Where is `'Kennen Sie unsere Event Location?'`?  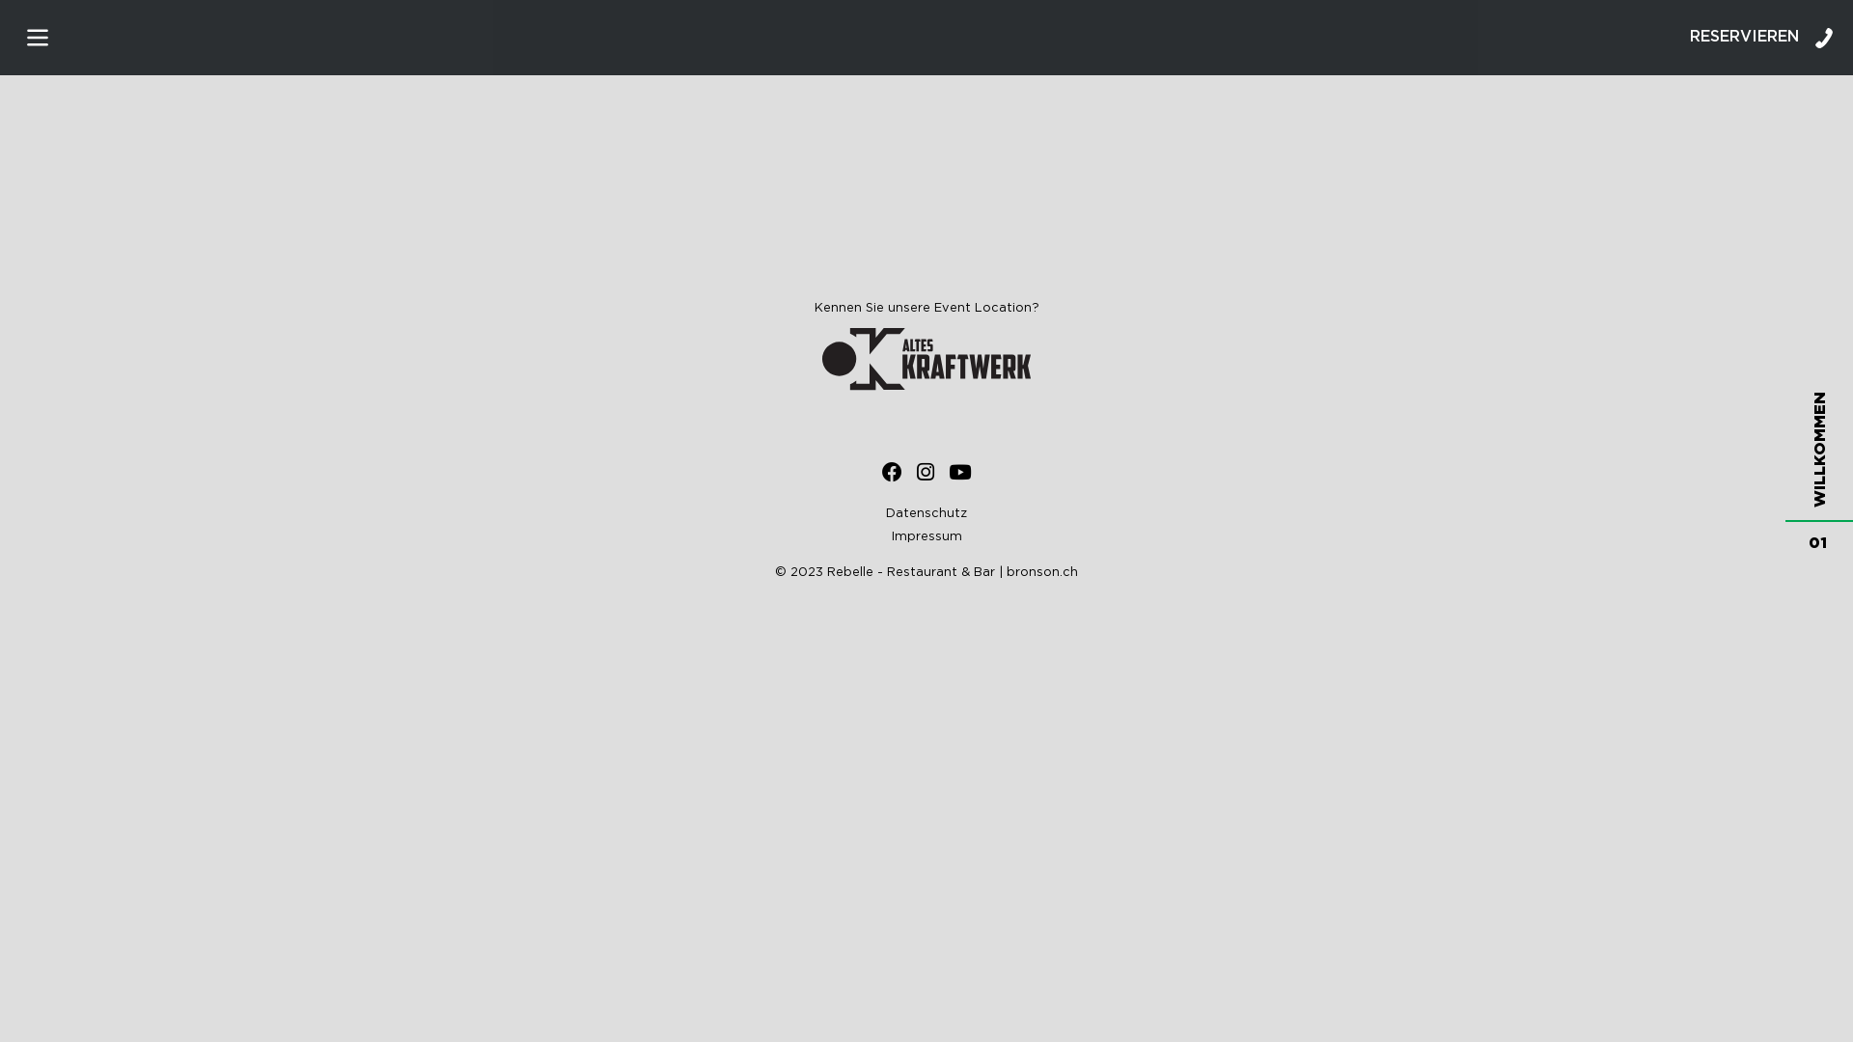
'Kennen Sie unsere Event Location?' is located at coordinates (926, 345).